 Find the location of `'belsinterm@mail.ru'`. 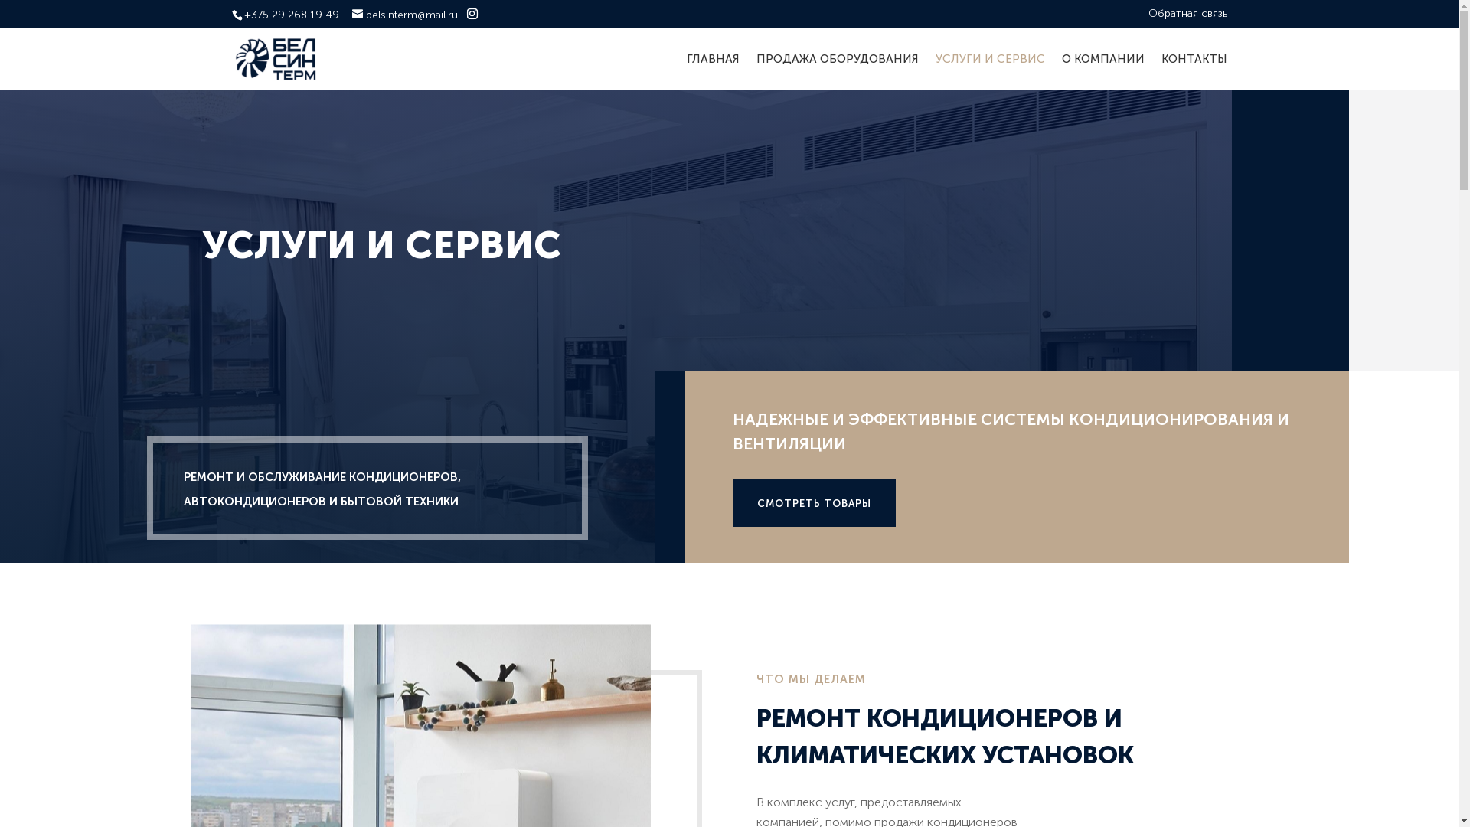

'belsinterm@mail.ru' is located at coordinates (351, 14).